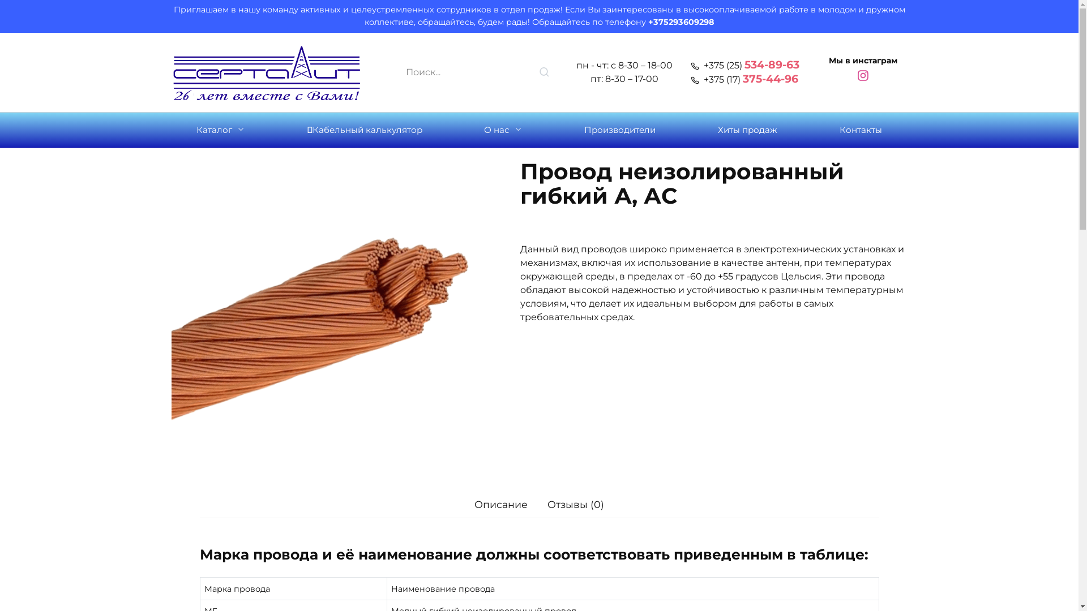  Describe the element at coordinates (744, 65) in the screenshot. I see `'+375 (25) 534-89-63'` at that location.